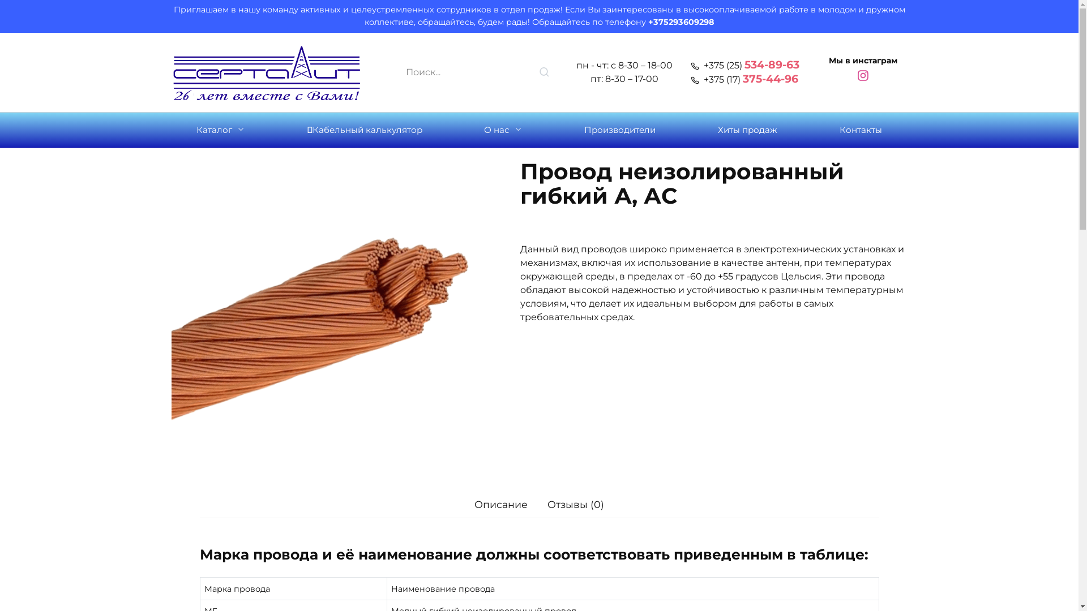  Describe the element at coordinates (744, 65) in the screenshot. I see `'+375 (25) 534-89-63'` at that location.